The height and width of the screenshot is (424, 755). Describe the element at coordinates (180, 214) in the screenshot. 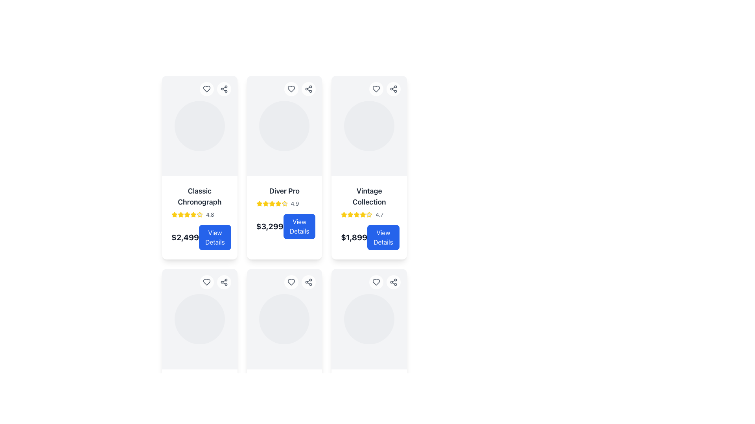

I see `the star icon with a yellow fill in the rating section of the first product card under the title 'Classic Chronograph'` at that location.